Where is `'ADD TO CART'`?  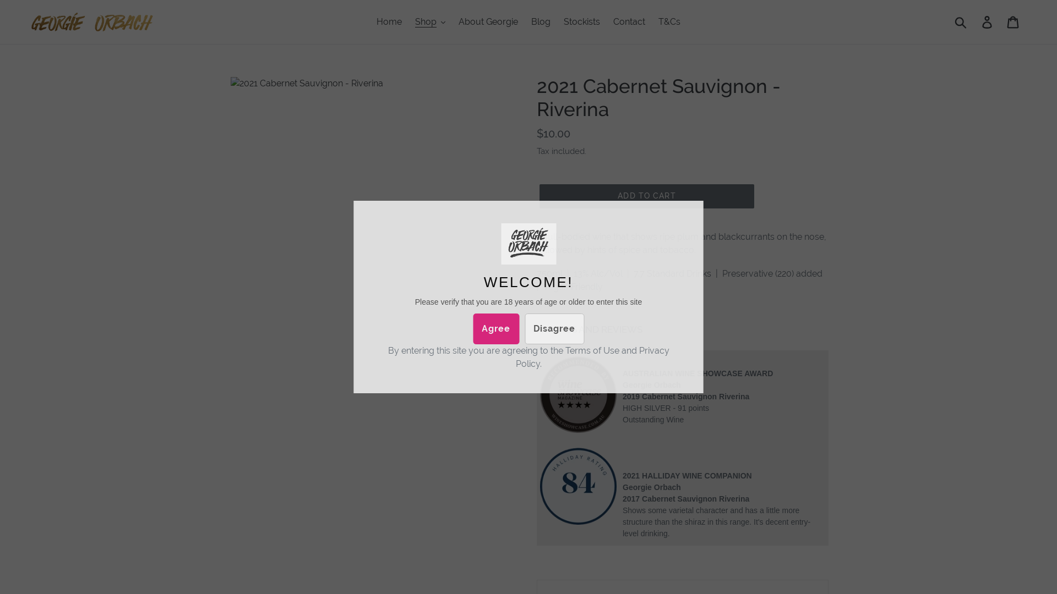 'ADD TO CART' is located at coordinates (647, 196).